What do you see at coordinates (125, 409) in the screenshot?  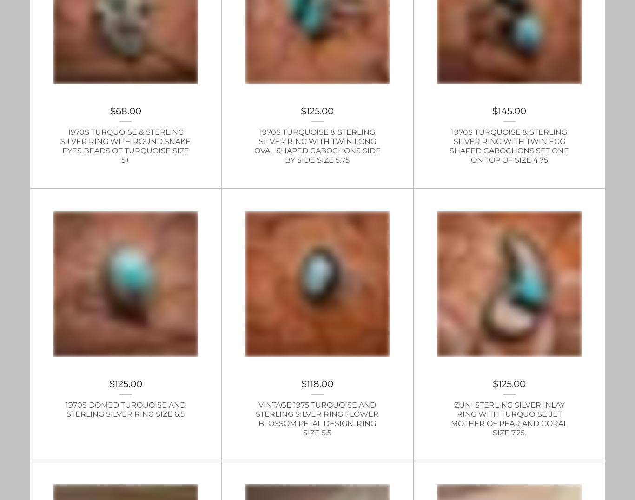 I see `'1970s Domed Turquoise and Sterling Silver Ring size 6.5'` at bounding box center [125, 409].